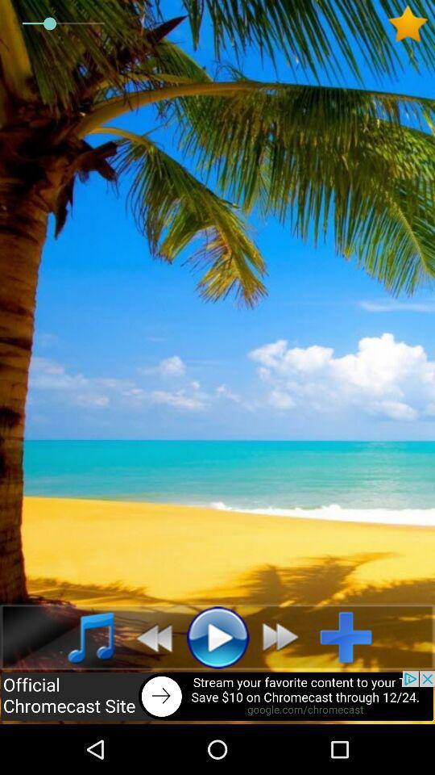 The height and width of the screenshot is (775, 435). What do you see at coordinates (217, 637) in the screenshot?
I see `the play icon` at bounding box center [217, 637].